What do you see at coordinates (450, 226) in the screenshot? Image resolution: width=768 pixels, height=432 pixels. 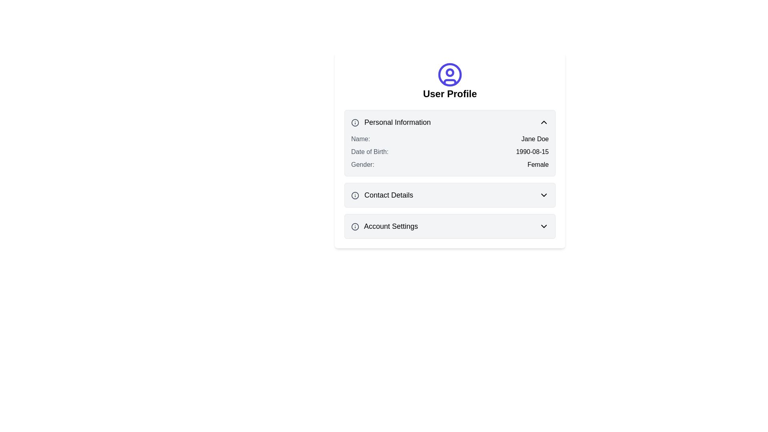 I see `the 'Account Settings' collapsible section header, which has a gray background and rounded corners` at bounding box center [450, 226].